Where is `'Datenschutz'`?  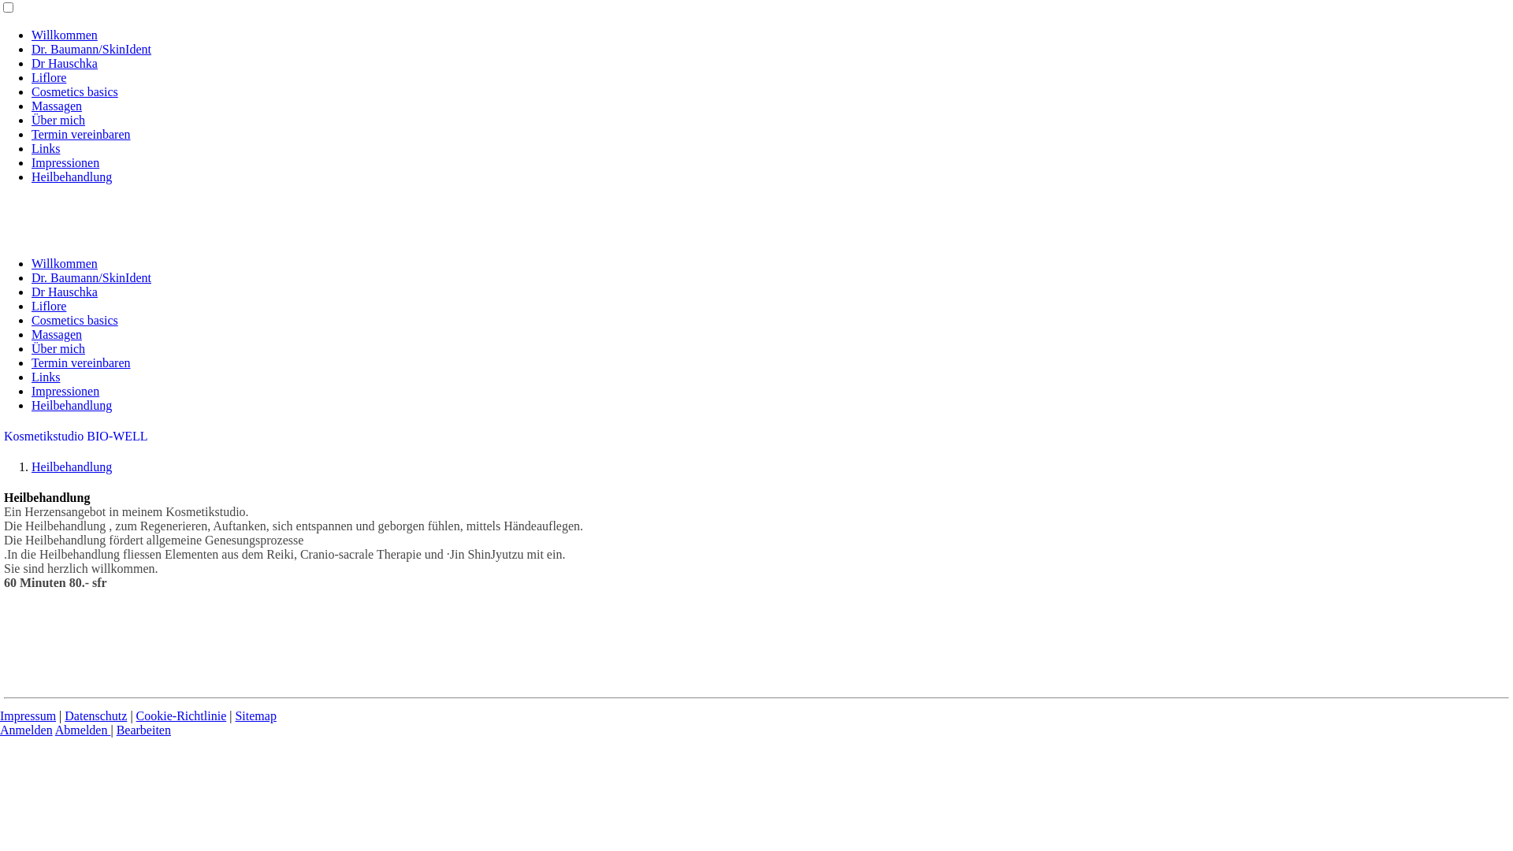
'Datenschutz' is located at coordinates (95, 715).